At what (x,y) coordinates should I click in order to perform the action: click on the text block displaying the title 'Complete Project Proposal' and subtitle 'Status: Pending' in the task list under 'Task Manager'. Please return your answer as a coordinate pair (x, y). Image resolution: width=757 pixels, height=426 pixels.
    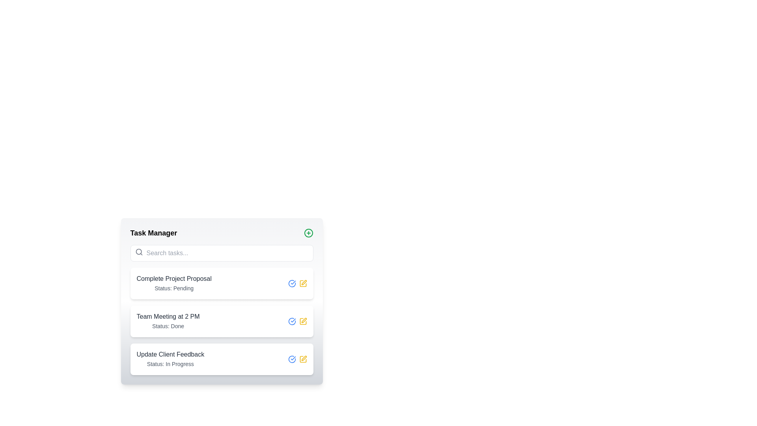
    Looking at the image, I should click on (173, 283).